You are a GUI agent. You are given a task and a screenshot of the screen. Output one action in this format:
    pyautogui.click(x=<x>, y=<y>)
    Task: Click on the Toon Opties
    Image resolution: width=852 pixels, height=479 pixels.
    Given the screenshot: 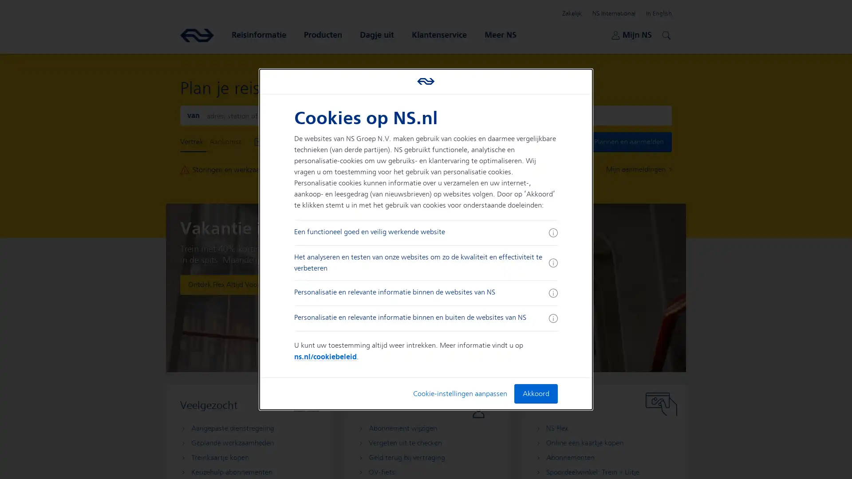 What is the action you would take?
    pyautogui.click(x=406, y=141)
    